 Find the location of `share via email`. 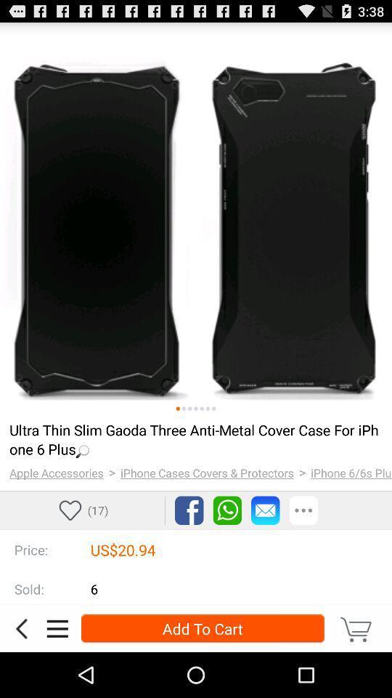

share via email is located at coordinates (264, 510).